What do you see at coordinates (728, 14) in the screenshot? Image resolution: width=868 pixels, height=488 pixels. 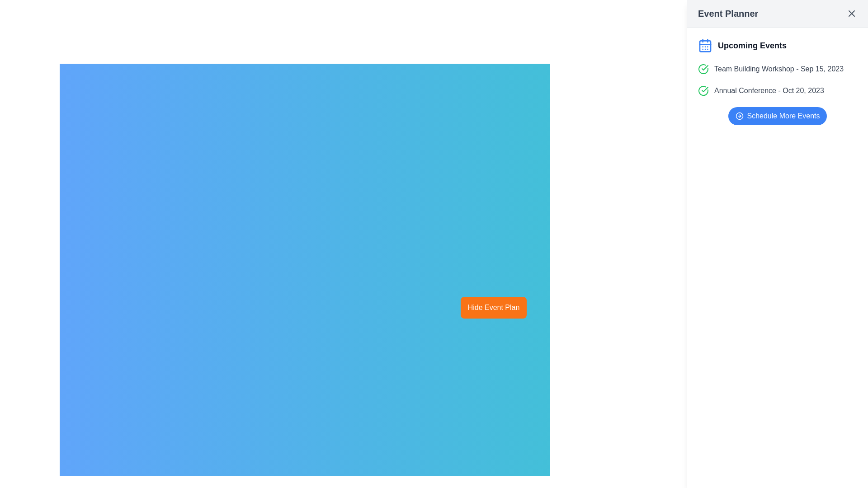 I see `the 'Event Planner' text label, which is prominently displayed in bold, extra-large gray font at the top-right corner of the header section` at bounding box center [728, 14].